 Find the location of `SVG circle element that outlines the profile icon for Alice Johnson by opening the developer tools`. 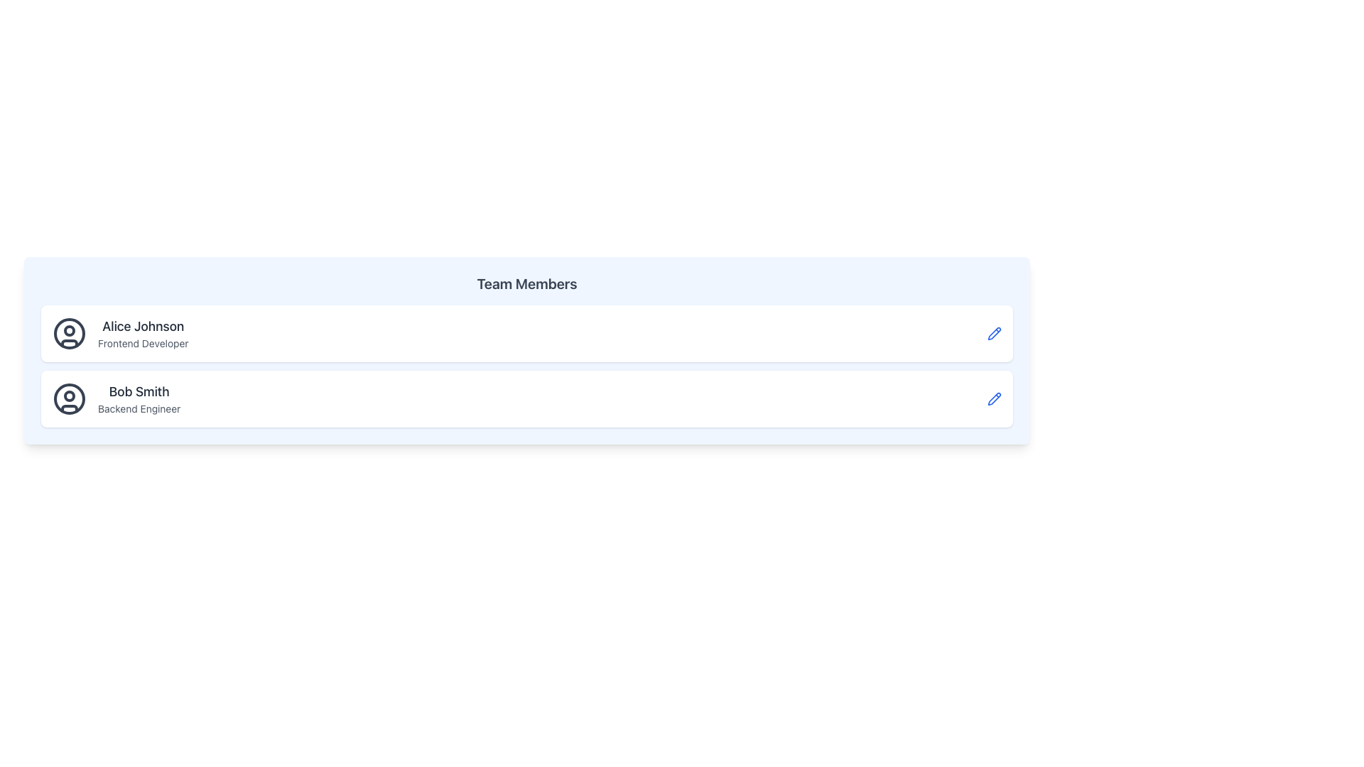

SVG circle element that outlines the profile icon for Alice Johnson by opening the developer tools is located at coordinates (68, 334).